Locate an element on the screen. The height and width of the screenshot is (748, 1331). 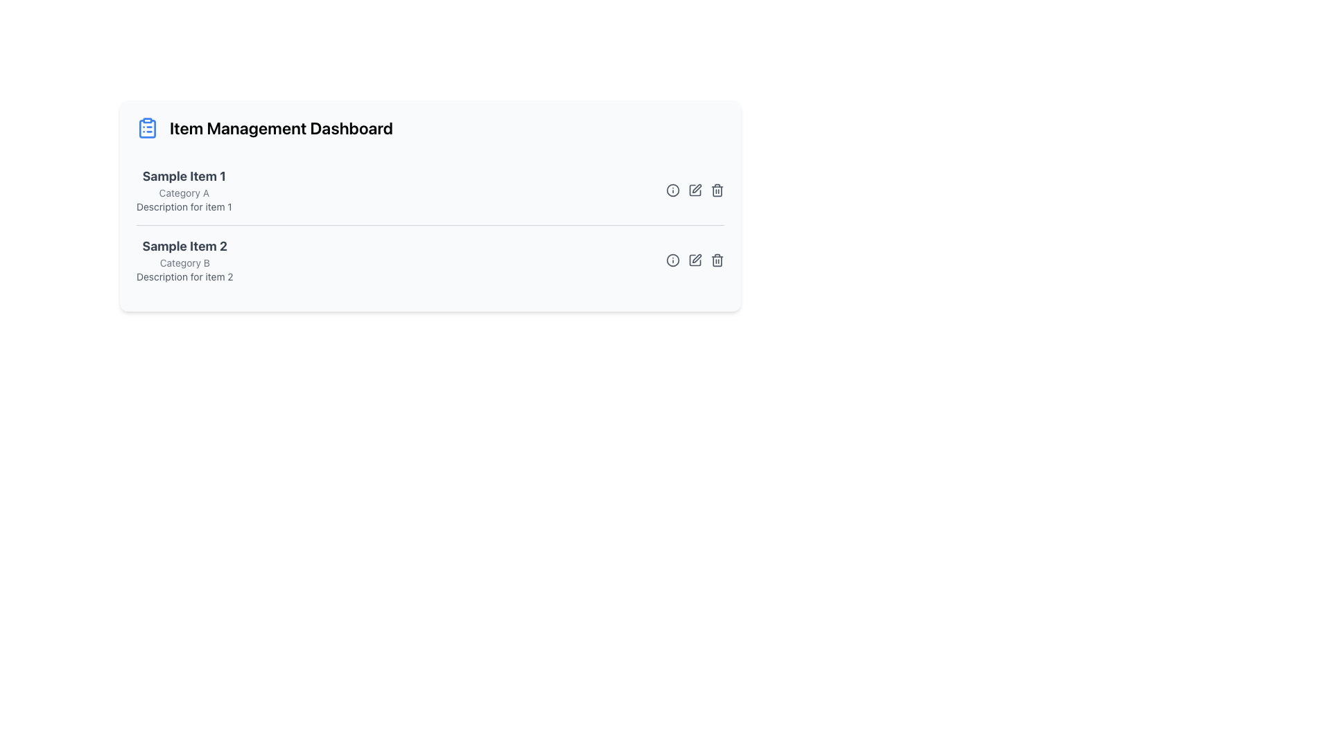
the first entry in the item management list labeled 'Sample Item 1' is located at coordinates (429, 190).